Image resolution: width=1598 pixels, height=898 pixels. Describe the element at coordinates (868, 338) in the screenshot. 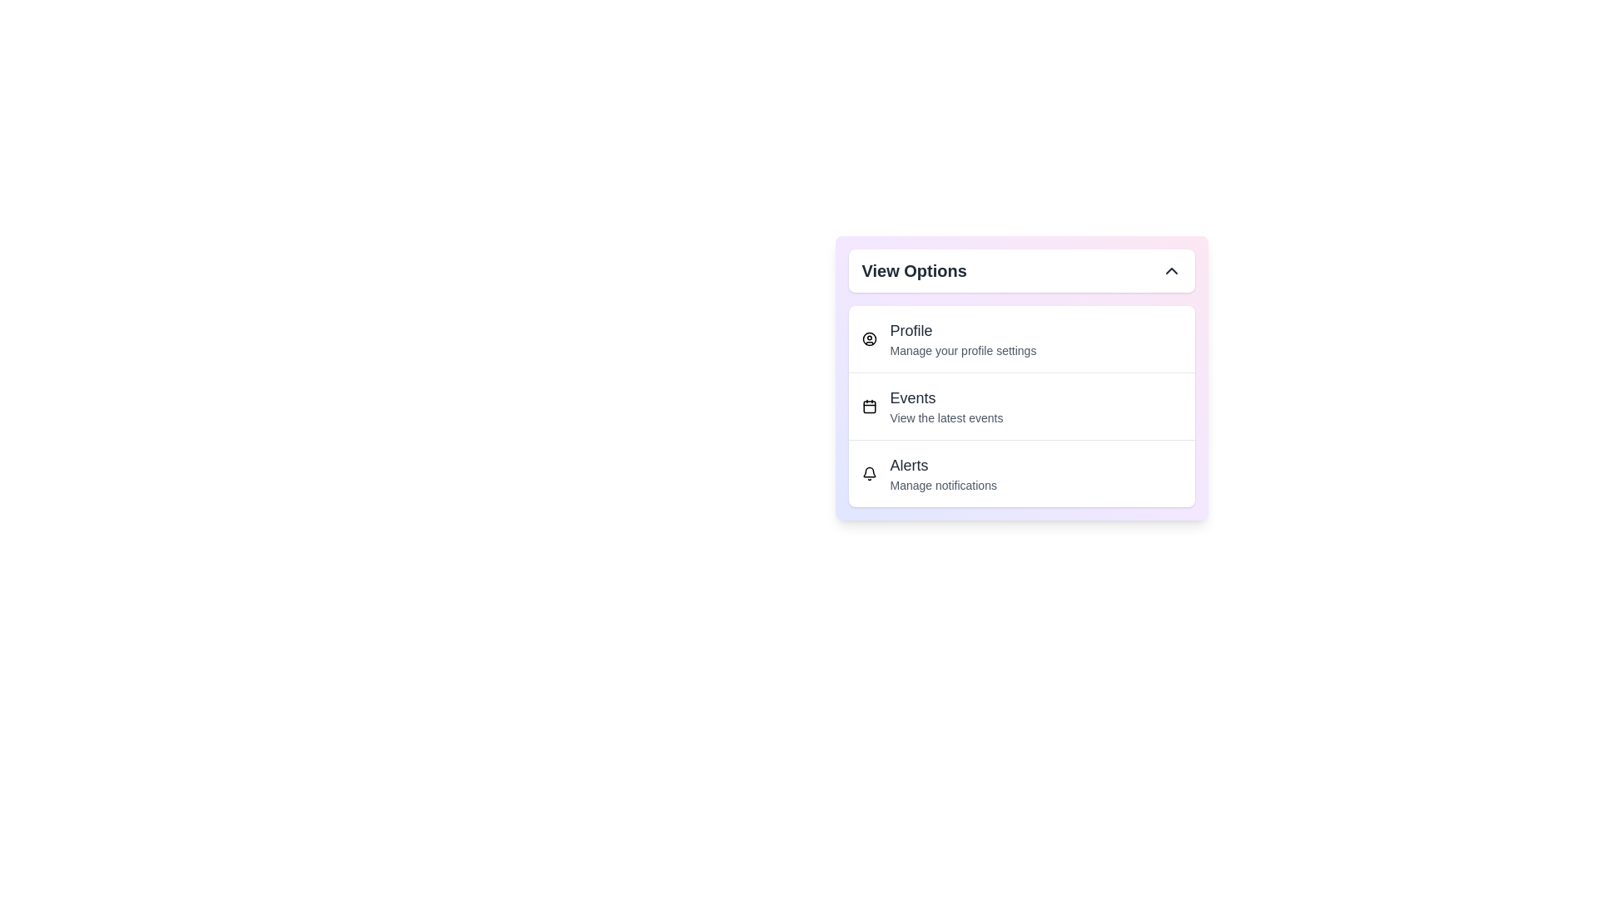

I see `the icon of the menu item corresponding to Profile` at that location.